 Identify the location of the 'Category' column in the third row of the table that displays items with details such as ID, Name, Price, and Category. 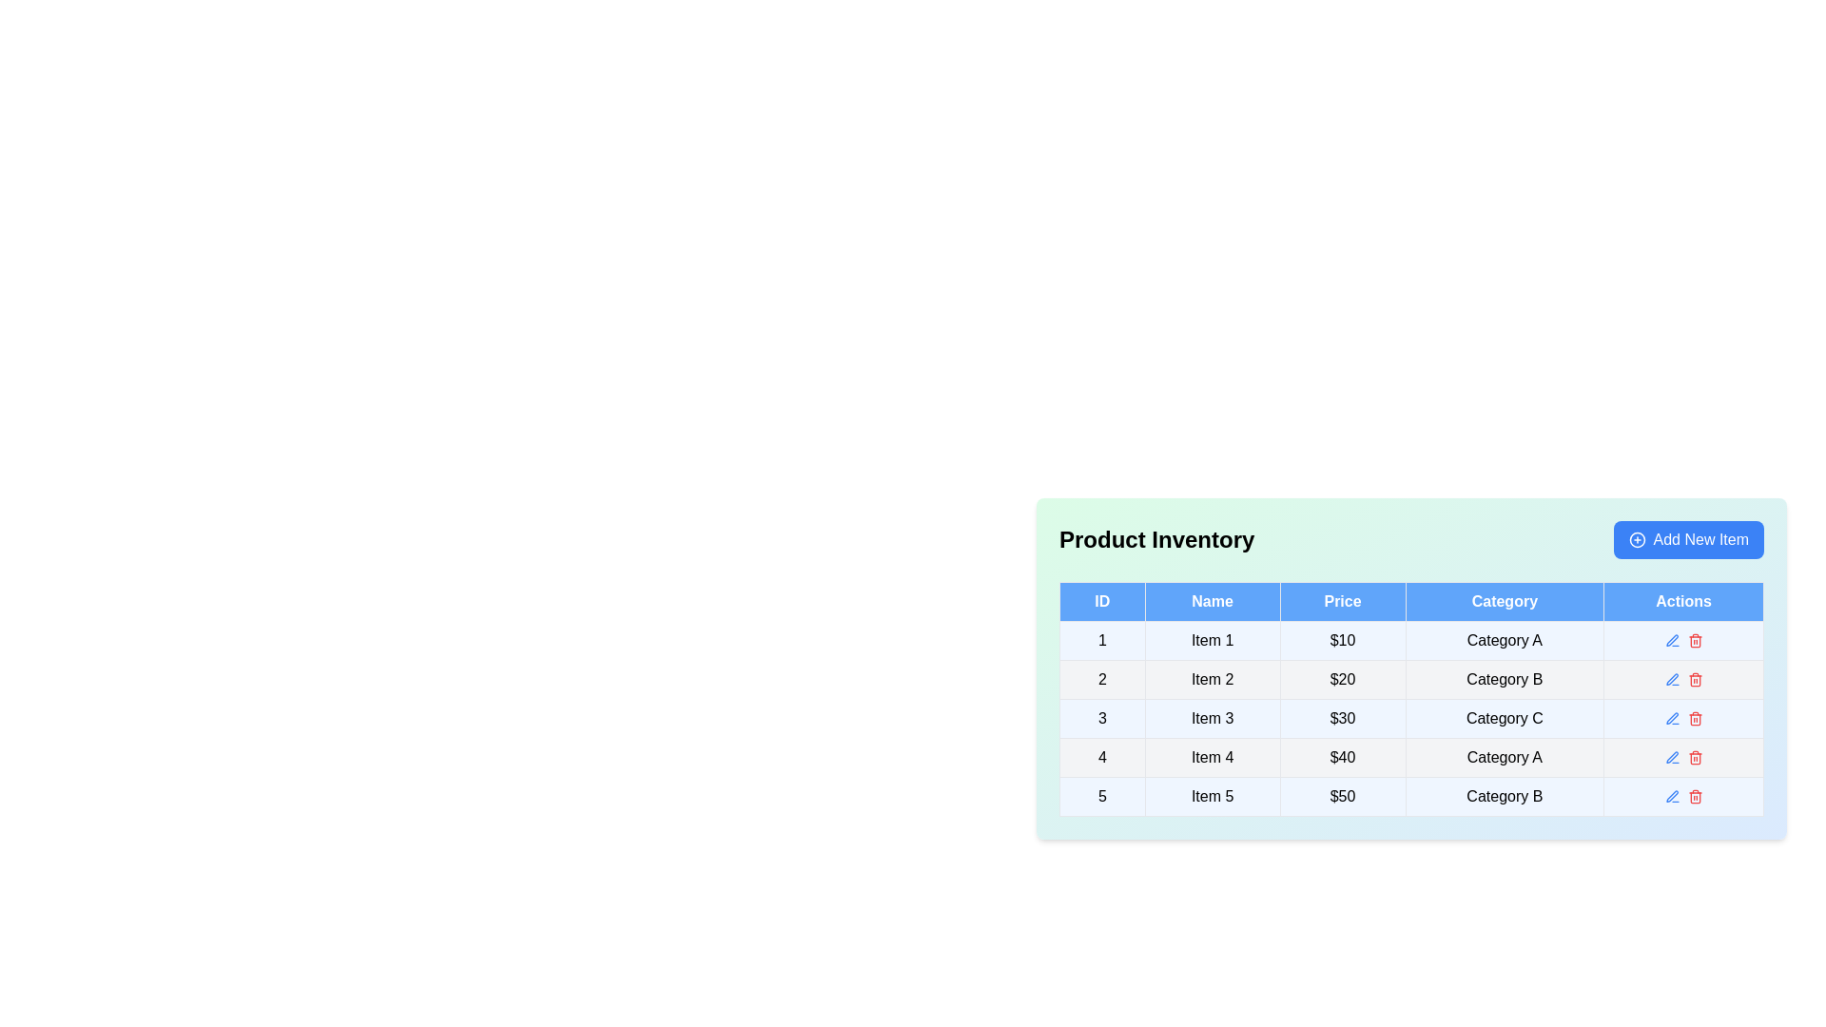
(1411, 719).